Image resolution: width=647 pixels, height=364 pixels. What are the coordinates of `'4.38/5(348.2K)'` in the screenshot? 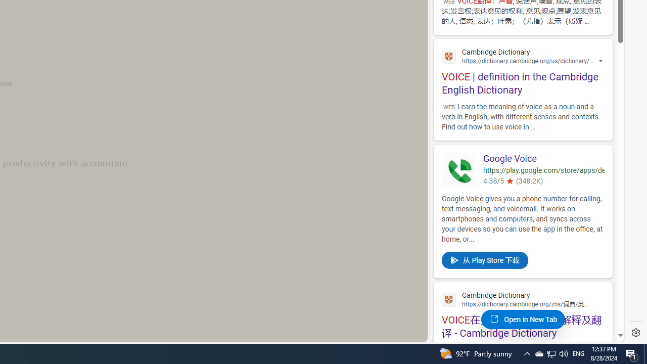 It's located at (543, 182).